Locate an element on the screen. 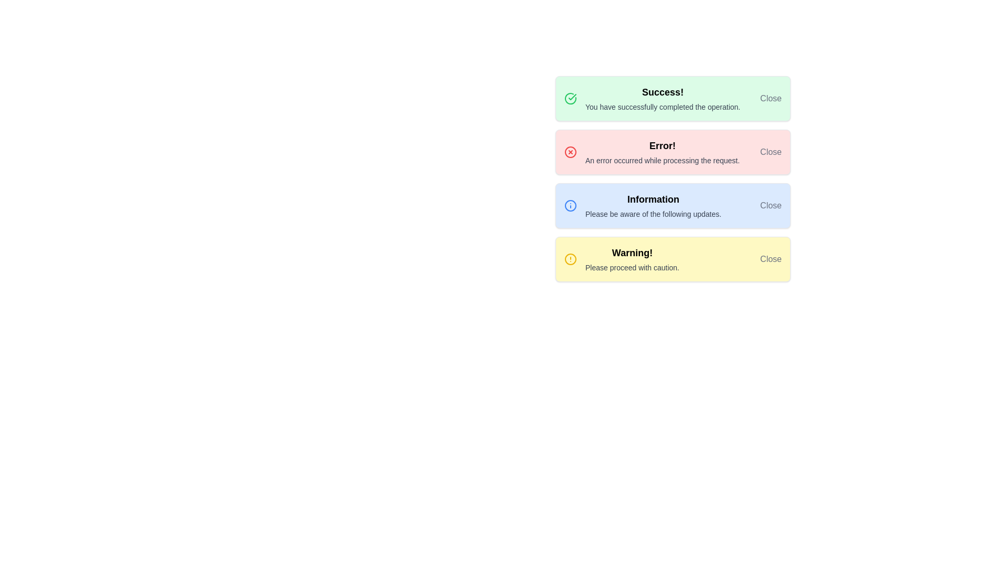 Image resolution: width=1008 pixels, height=567 pixels. the dismiss button in the 'Information' notification is located at coordinates (771, 206).